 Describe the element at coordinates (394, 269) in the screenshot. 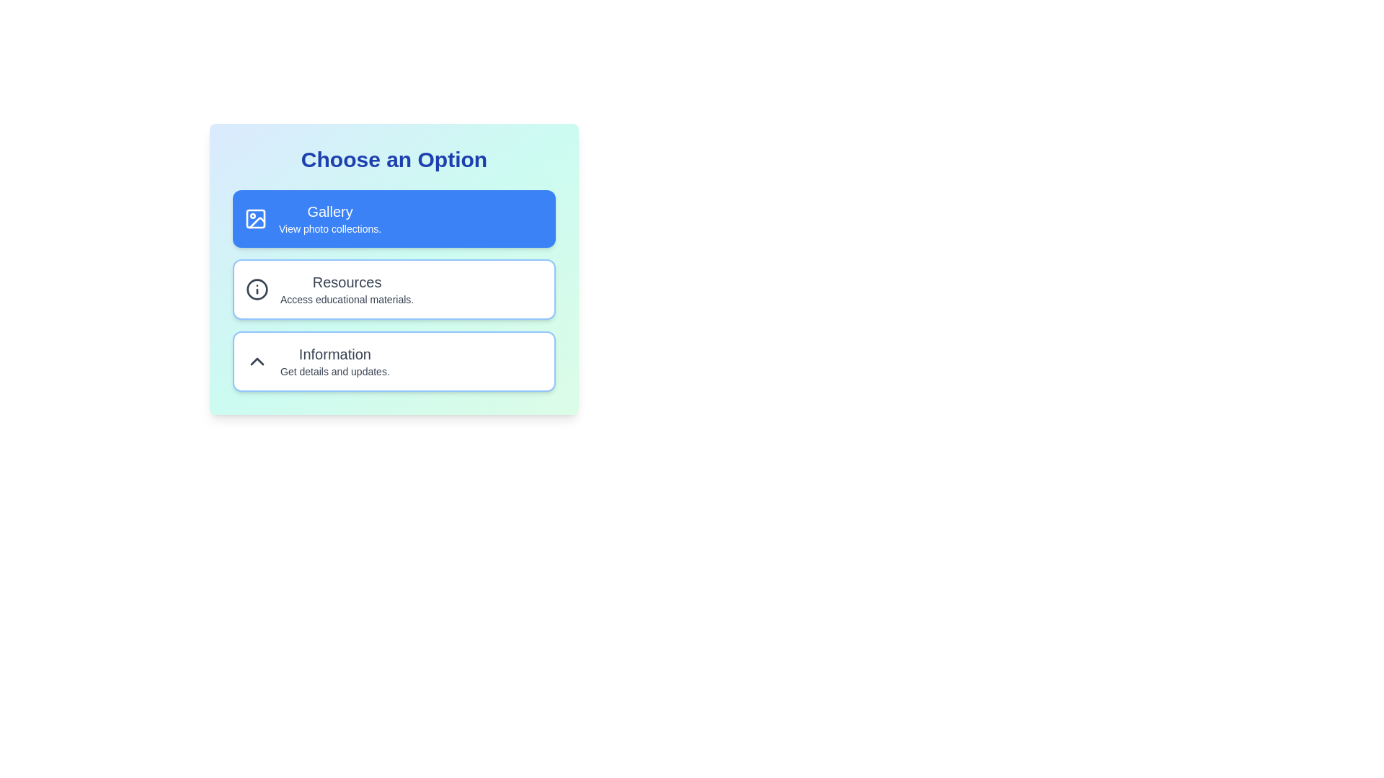

I see `the button located in the second position of a vertical stack of three cards, which accesses educational resources` at that location.